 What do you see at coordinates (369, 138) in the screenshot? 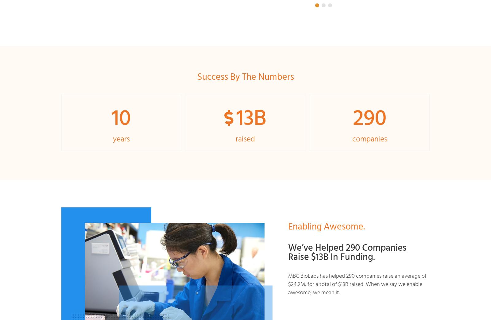
I see `'companies'` at bounding box center [369, 138].